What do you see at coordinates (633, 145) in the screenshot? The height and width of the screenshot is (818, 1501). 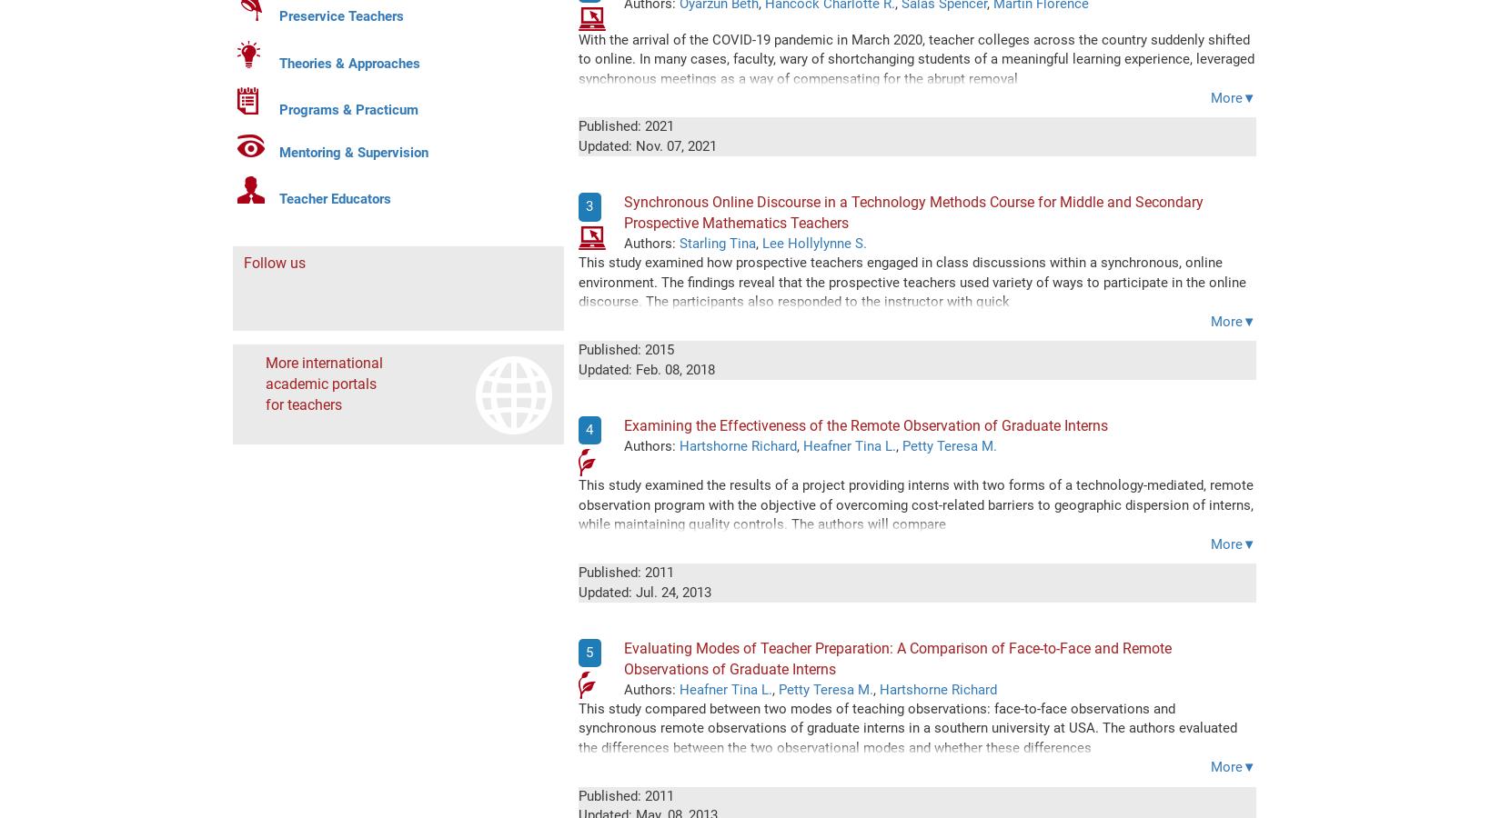 I see `'Nov. 07, 2021'` at bounding box center [633, 145].